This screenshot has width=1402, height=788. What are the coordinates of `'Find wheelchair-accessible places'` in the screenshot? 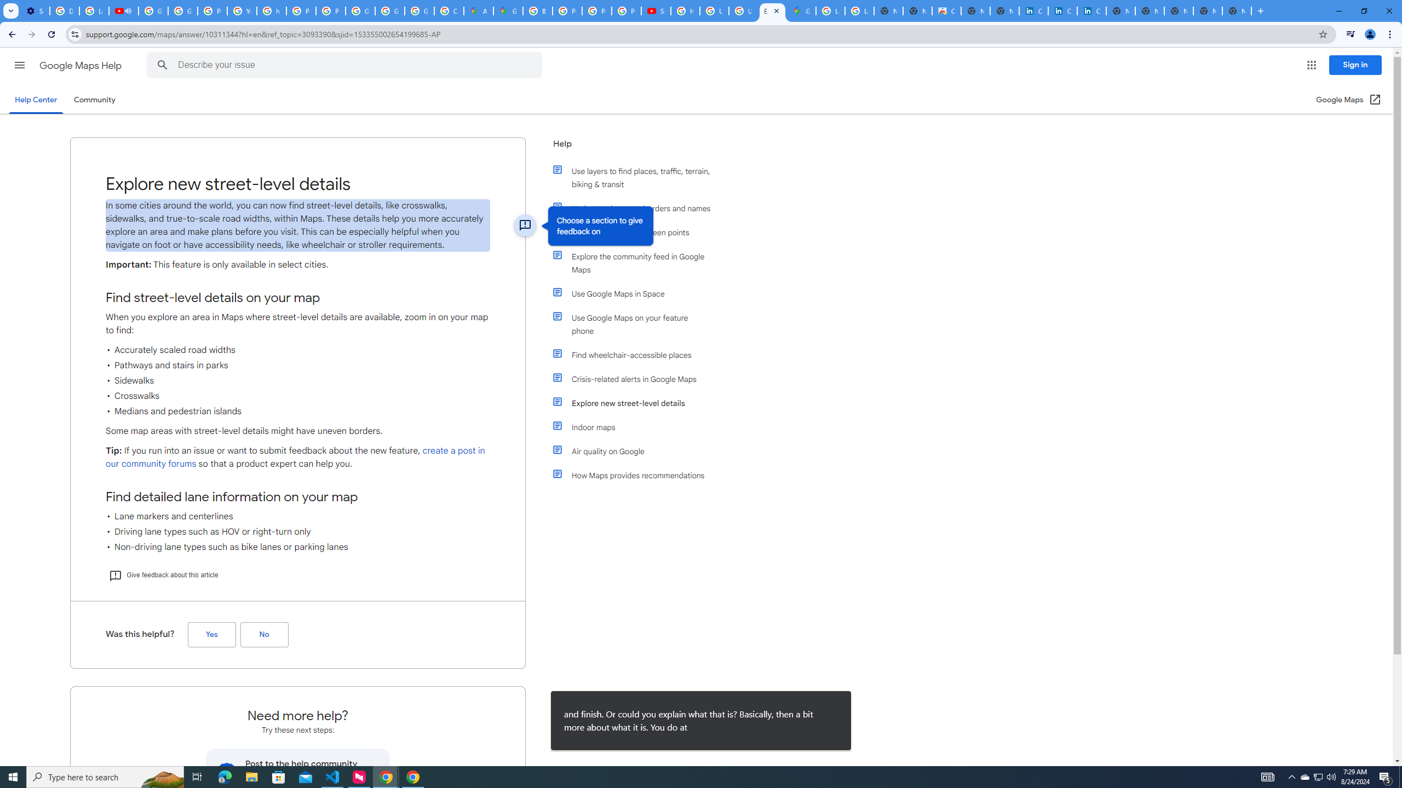 It's located at (636, 354).